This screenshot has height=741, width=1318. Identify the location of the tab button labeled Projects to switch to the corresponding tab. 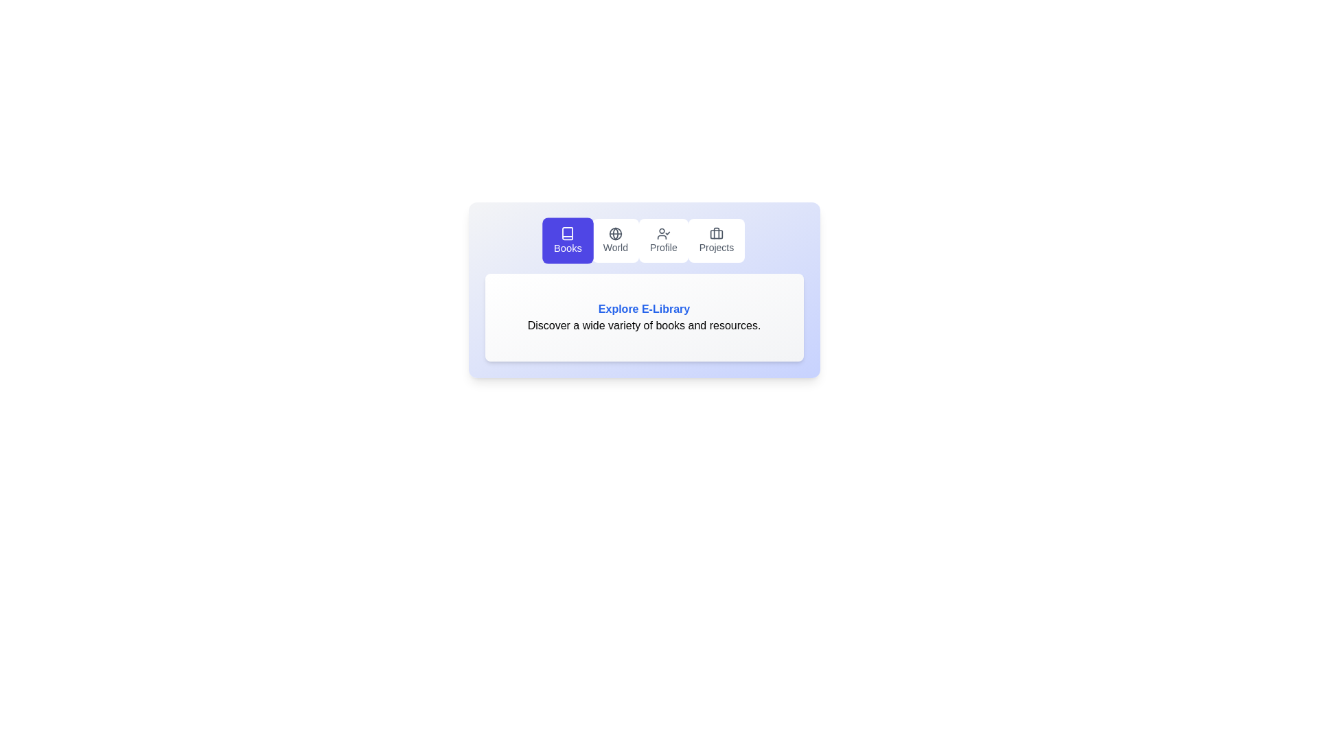
(715, 240).